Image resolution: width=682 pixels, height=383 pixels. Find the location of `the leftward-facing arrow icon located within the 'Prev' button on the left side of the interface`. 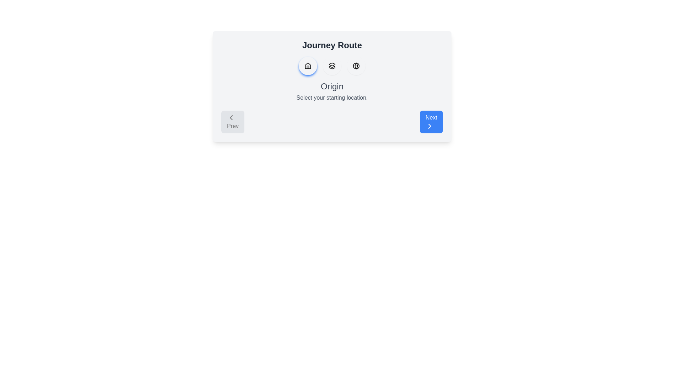

the leftward-facing arrow icon located within the 'Prev' button on the left side of the interface is located at coordinates (231, 117).